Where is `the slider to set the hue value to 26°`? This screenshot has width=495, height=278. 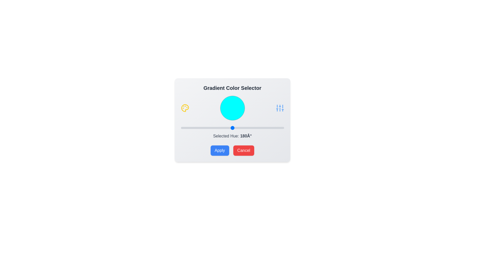 the slider to set the hue value to 26° is located at coordinates (188, 128).